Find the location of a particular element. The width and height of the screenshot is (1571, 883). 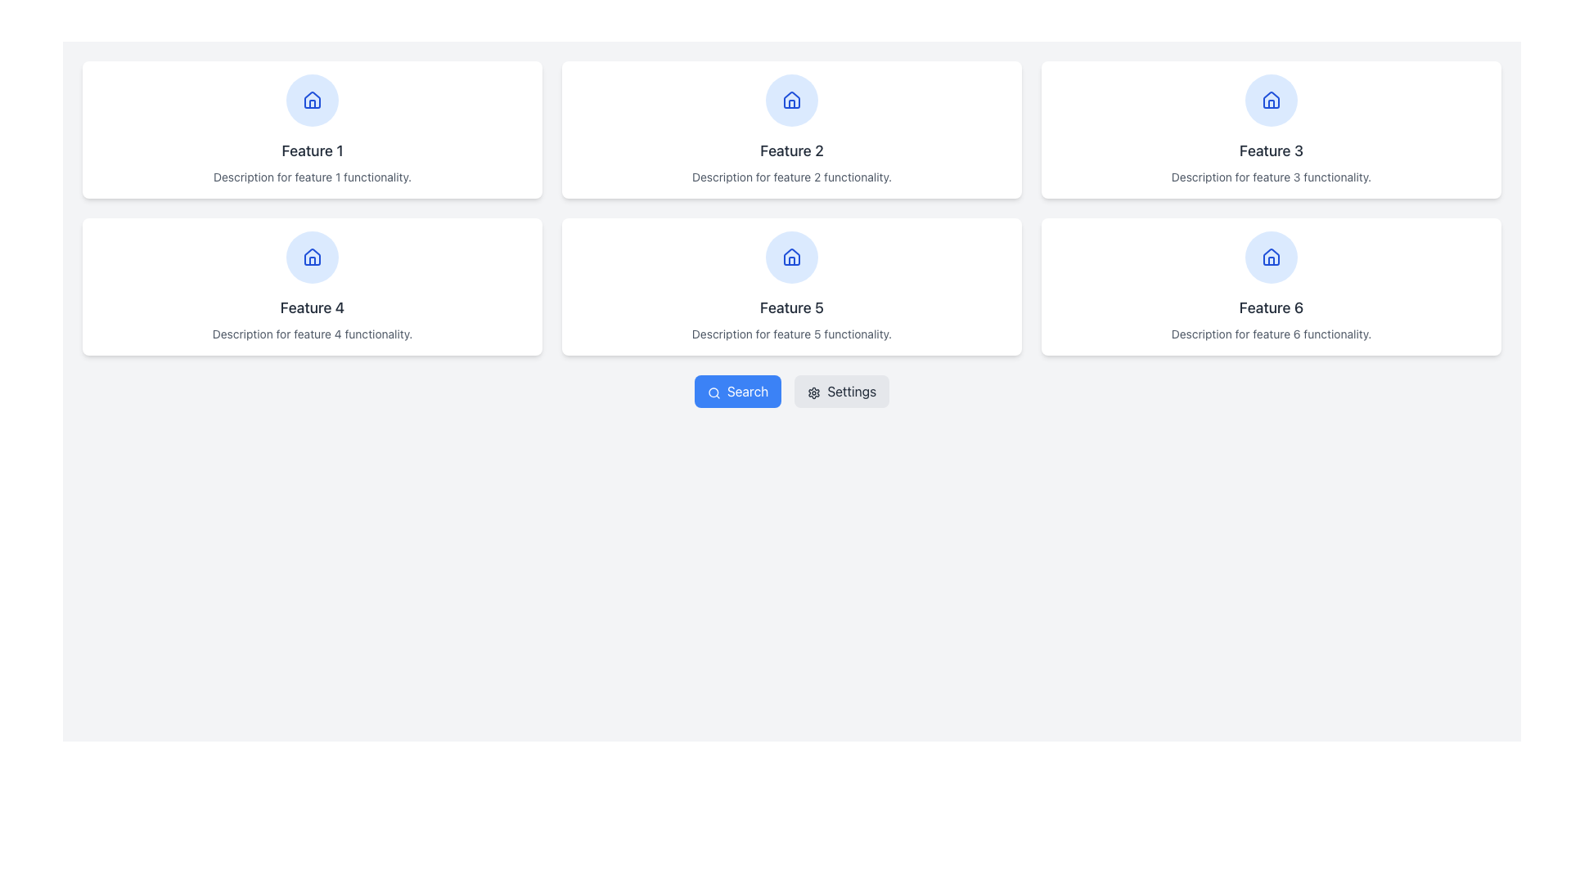

the house outline icon located within the circular blue background of Feature 4 in the lower-left quadrant of the grid layout is located at coordinates (313, 256).